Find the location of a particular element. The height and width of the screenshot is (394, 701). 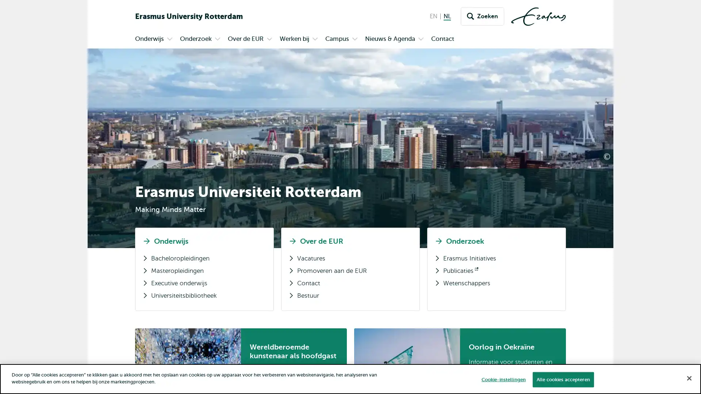

Open submenu is located at coordinates (269, 39).